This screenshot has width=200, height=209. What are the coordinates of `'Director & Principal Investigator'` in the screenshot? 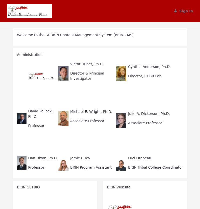 It's located at (70, 76).